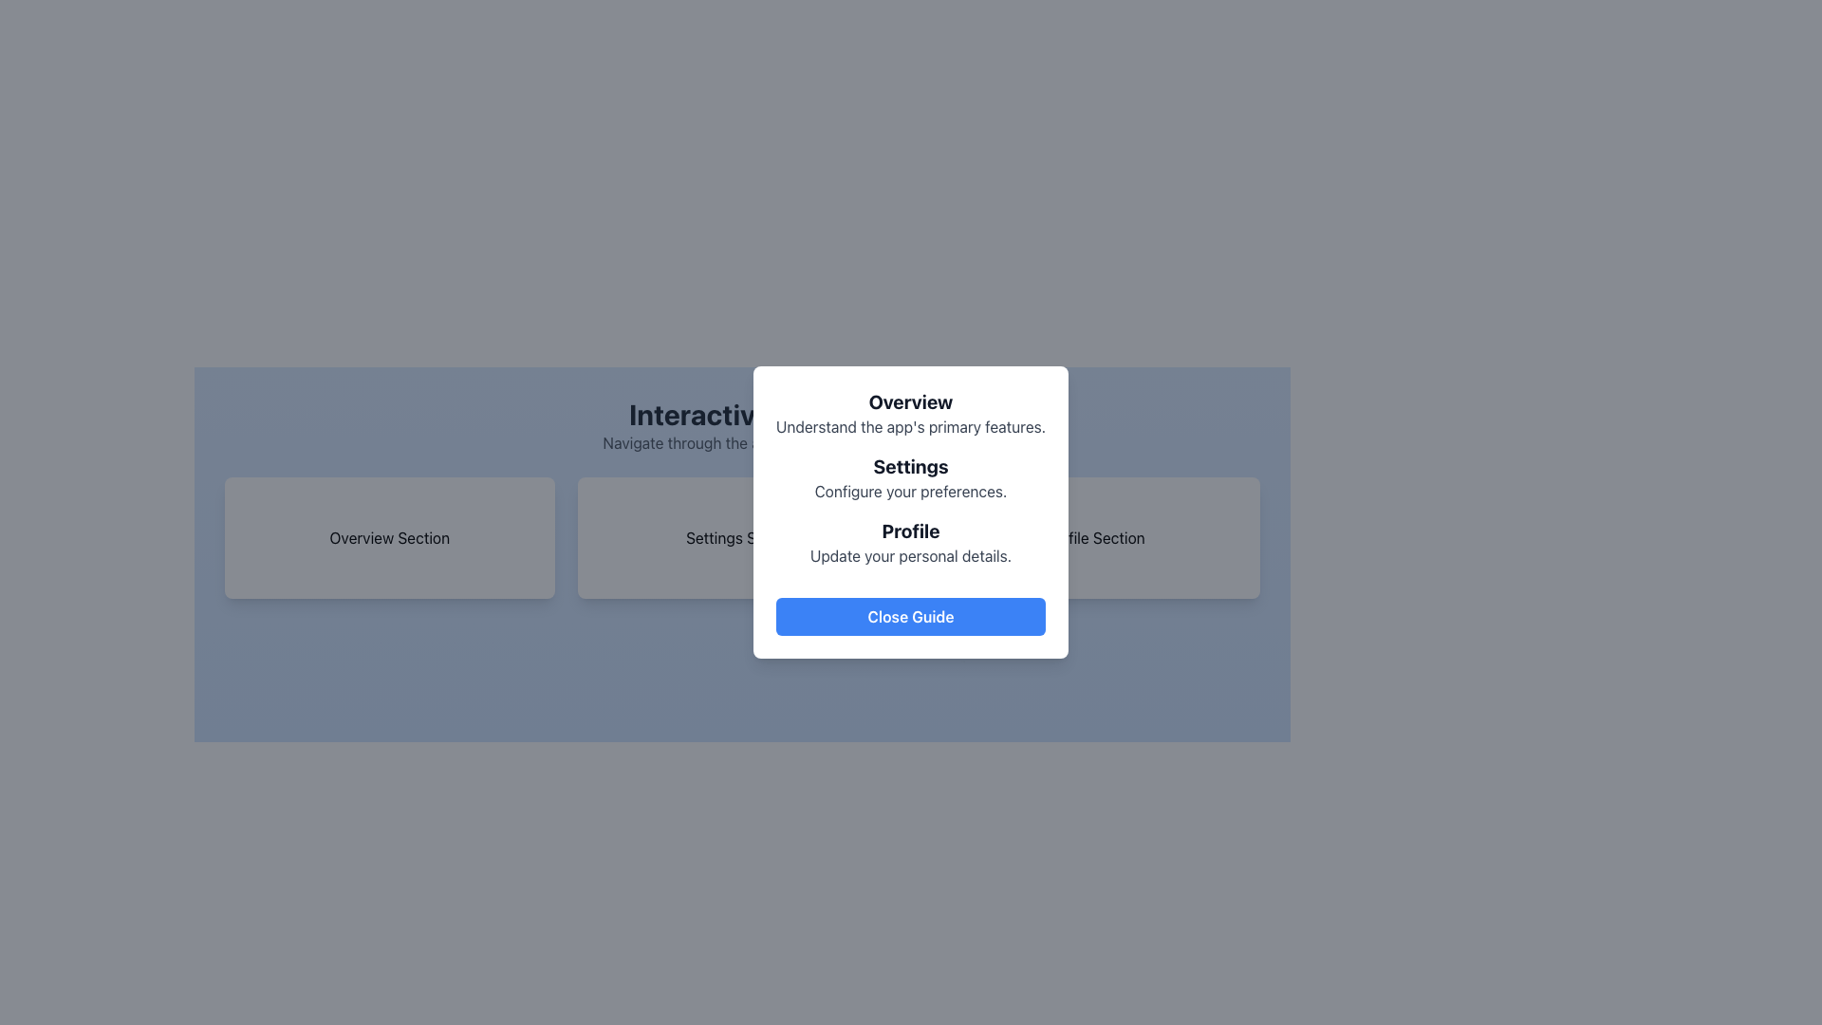  What do you see at coordinates (741, 538) in the screenshot?
I see `the 'Settings Section' Content Card, which is a rectangular card with a white background and rounded edges, located at the center of the layout` at bounding box center [741, 538].